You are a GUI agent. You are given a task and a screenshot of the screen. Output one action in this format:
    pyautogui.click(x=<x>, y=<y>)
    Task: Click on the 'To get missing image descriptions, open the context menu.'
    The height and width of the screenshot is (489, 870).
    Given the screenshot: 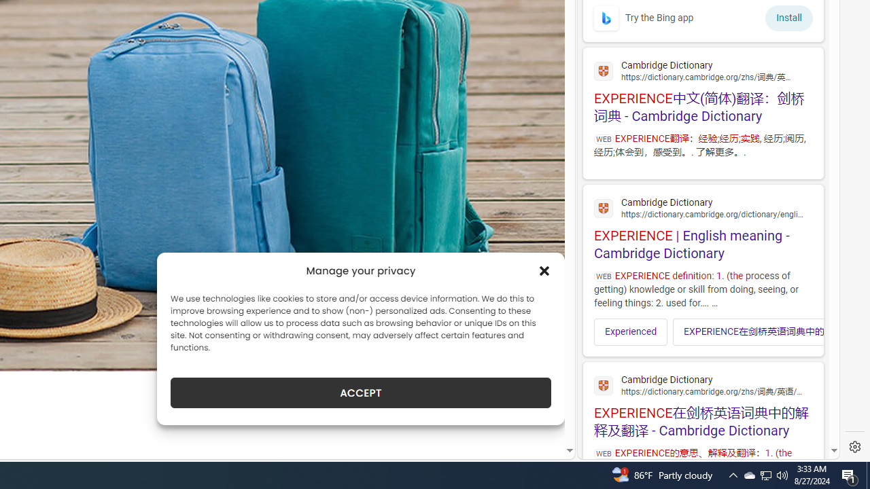 What is the action you would take?
    pyautogui.click(x=606, y=18)
    